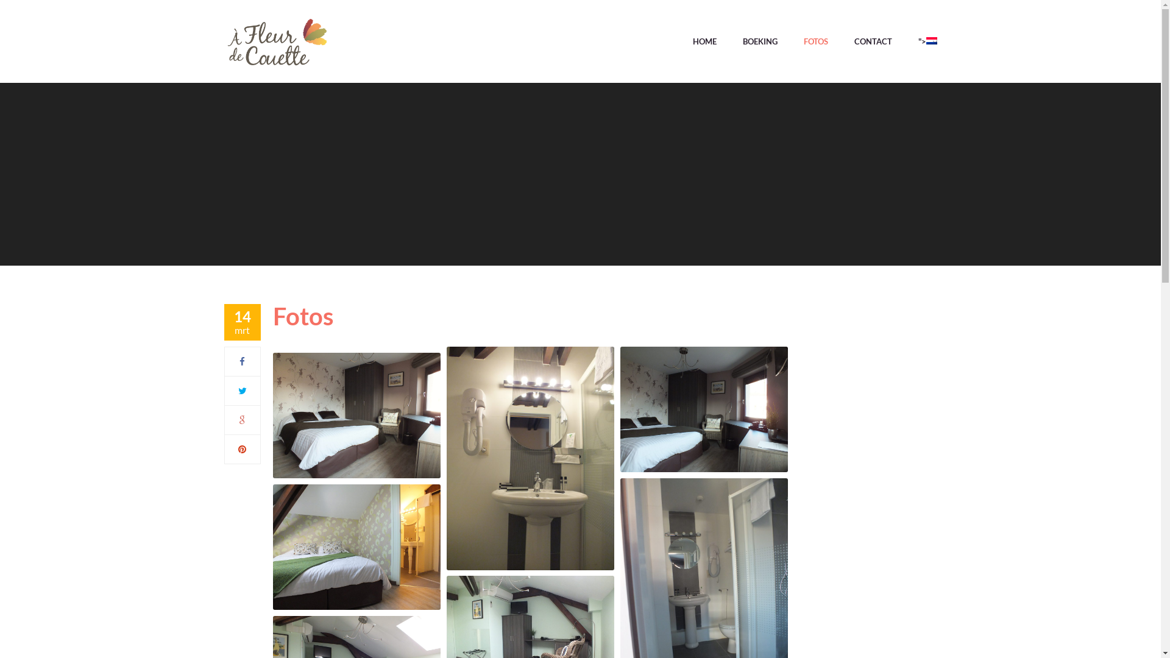  What do you see at coordinates (242, 390) in the screenshot?
I see `'Twitter'` at bounding box center [242, 390].